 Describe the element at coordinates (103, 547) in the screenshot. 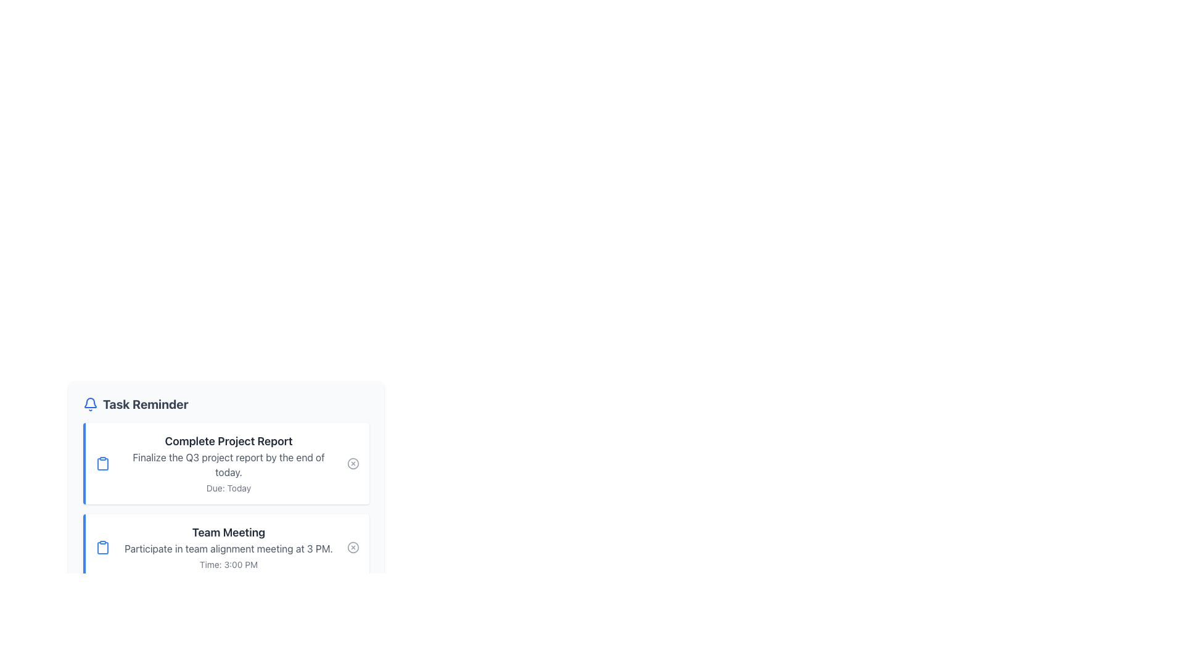

I see `the blue clipboard icon representing the task 'Complete Project Report' located in the 'Task Reminder' section` at that location.